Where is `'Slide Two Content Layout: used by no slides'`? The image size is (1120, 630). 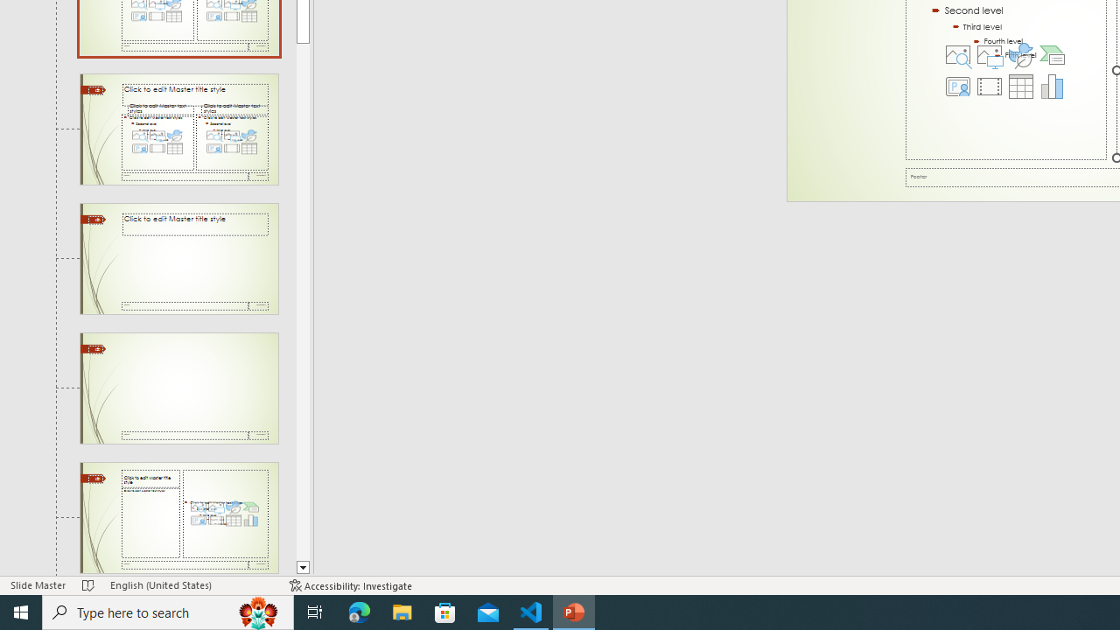 'Slide Two Content Layout: used by no slides' is located at coordinates (178, 128).